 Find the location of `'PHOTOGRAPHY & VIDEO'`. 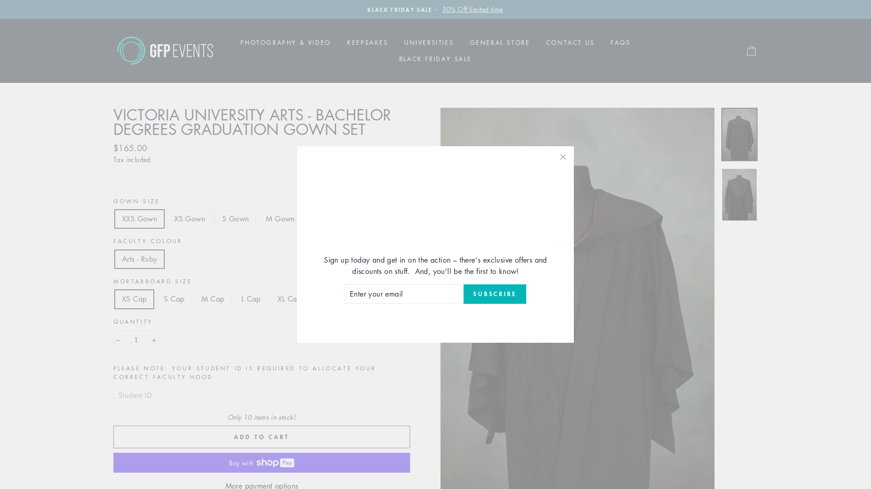

'PHOTOGRAPHY & VIDEO' is located at coordinates (285, 42).